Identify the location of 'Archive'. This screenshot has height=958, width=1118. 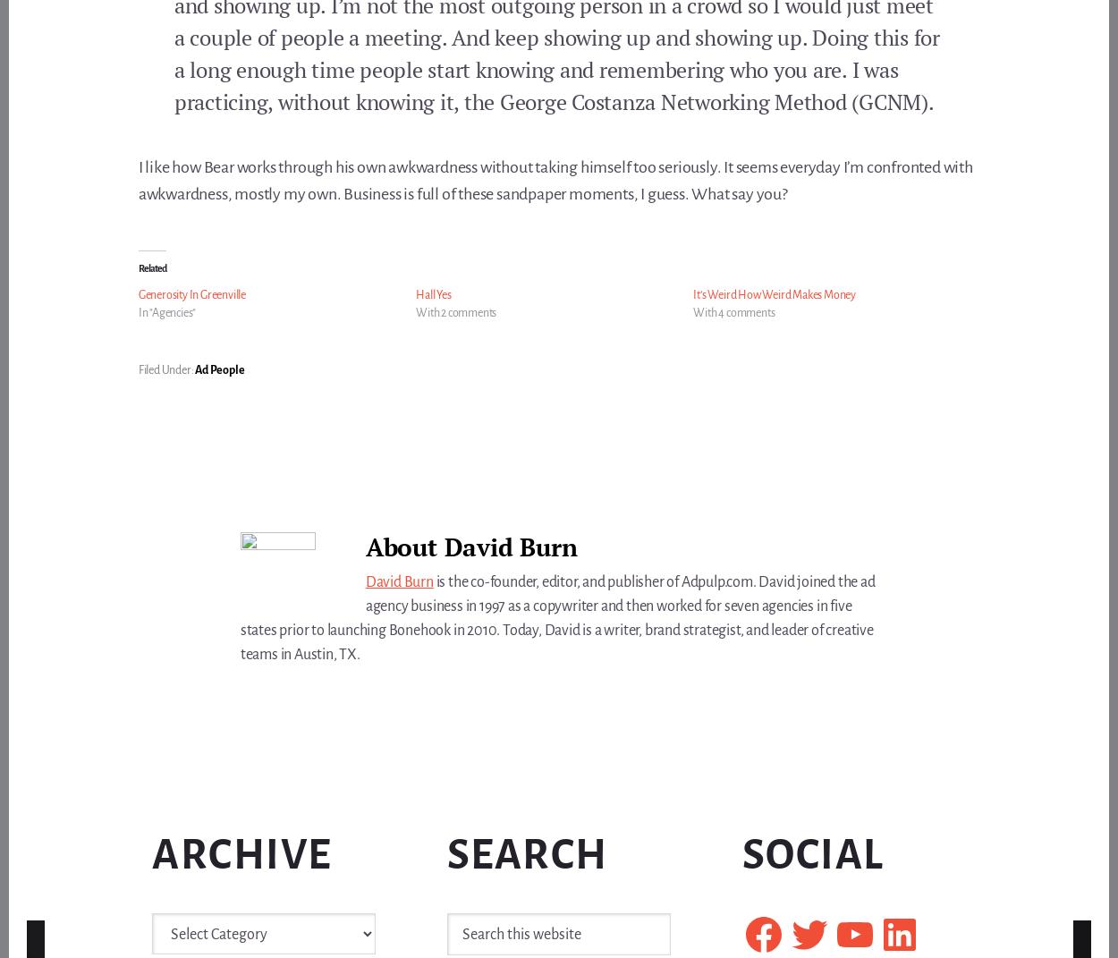
(241, 853).